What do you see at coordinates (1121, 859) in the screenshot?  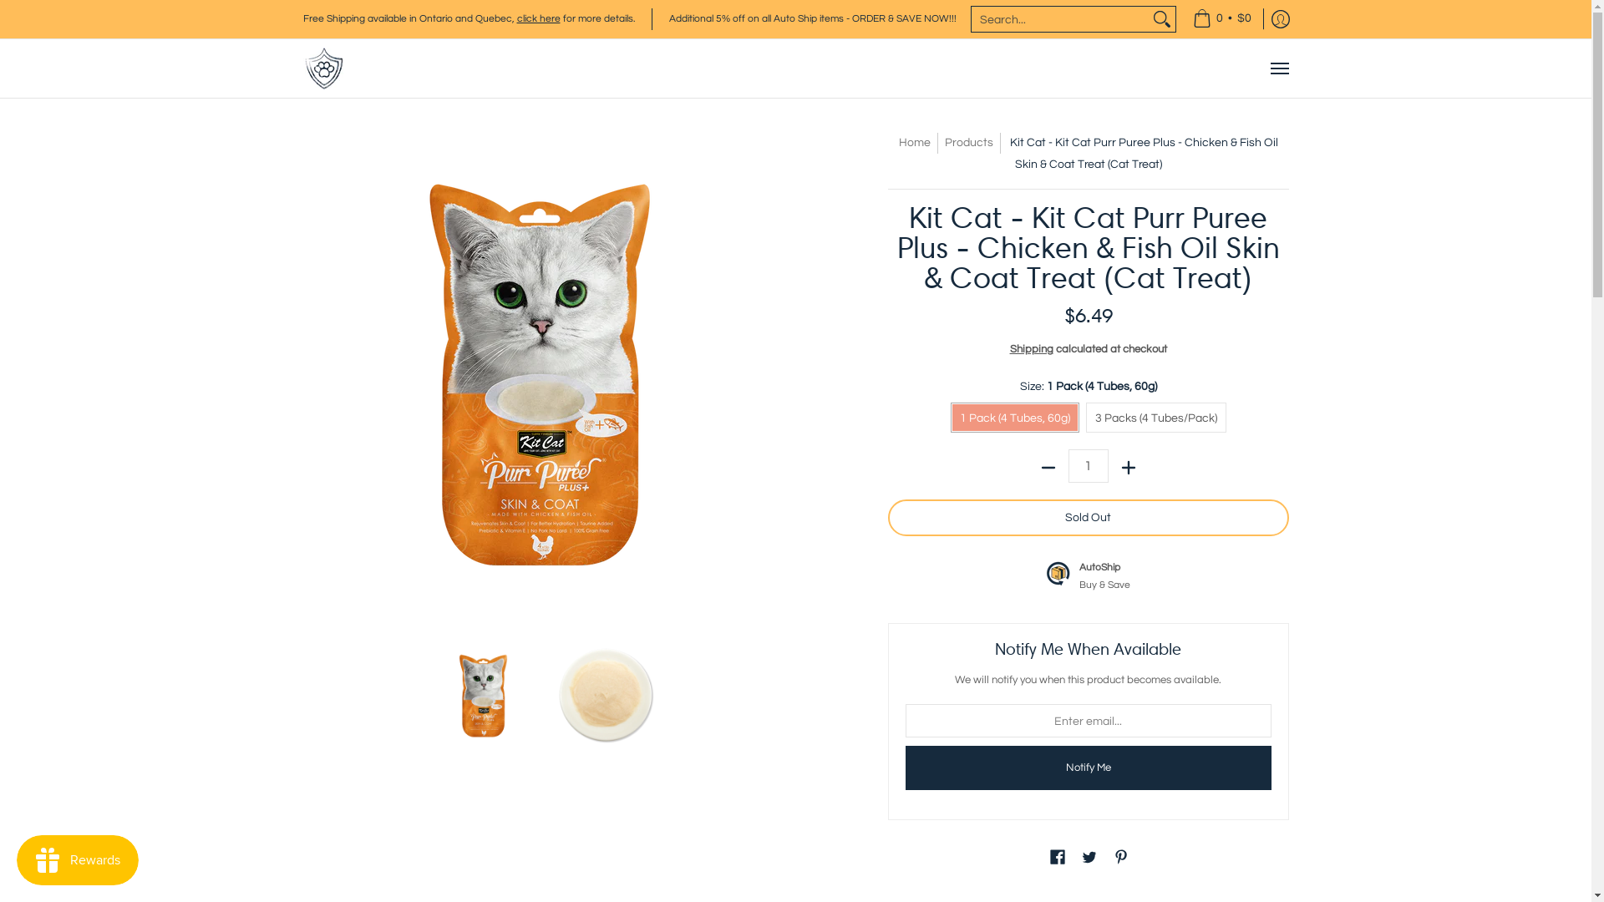 I see `'Pinterest'` at bounding box center [1121, 859].